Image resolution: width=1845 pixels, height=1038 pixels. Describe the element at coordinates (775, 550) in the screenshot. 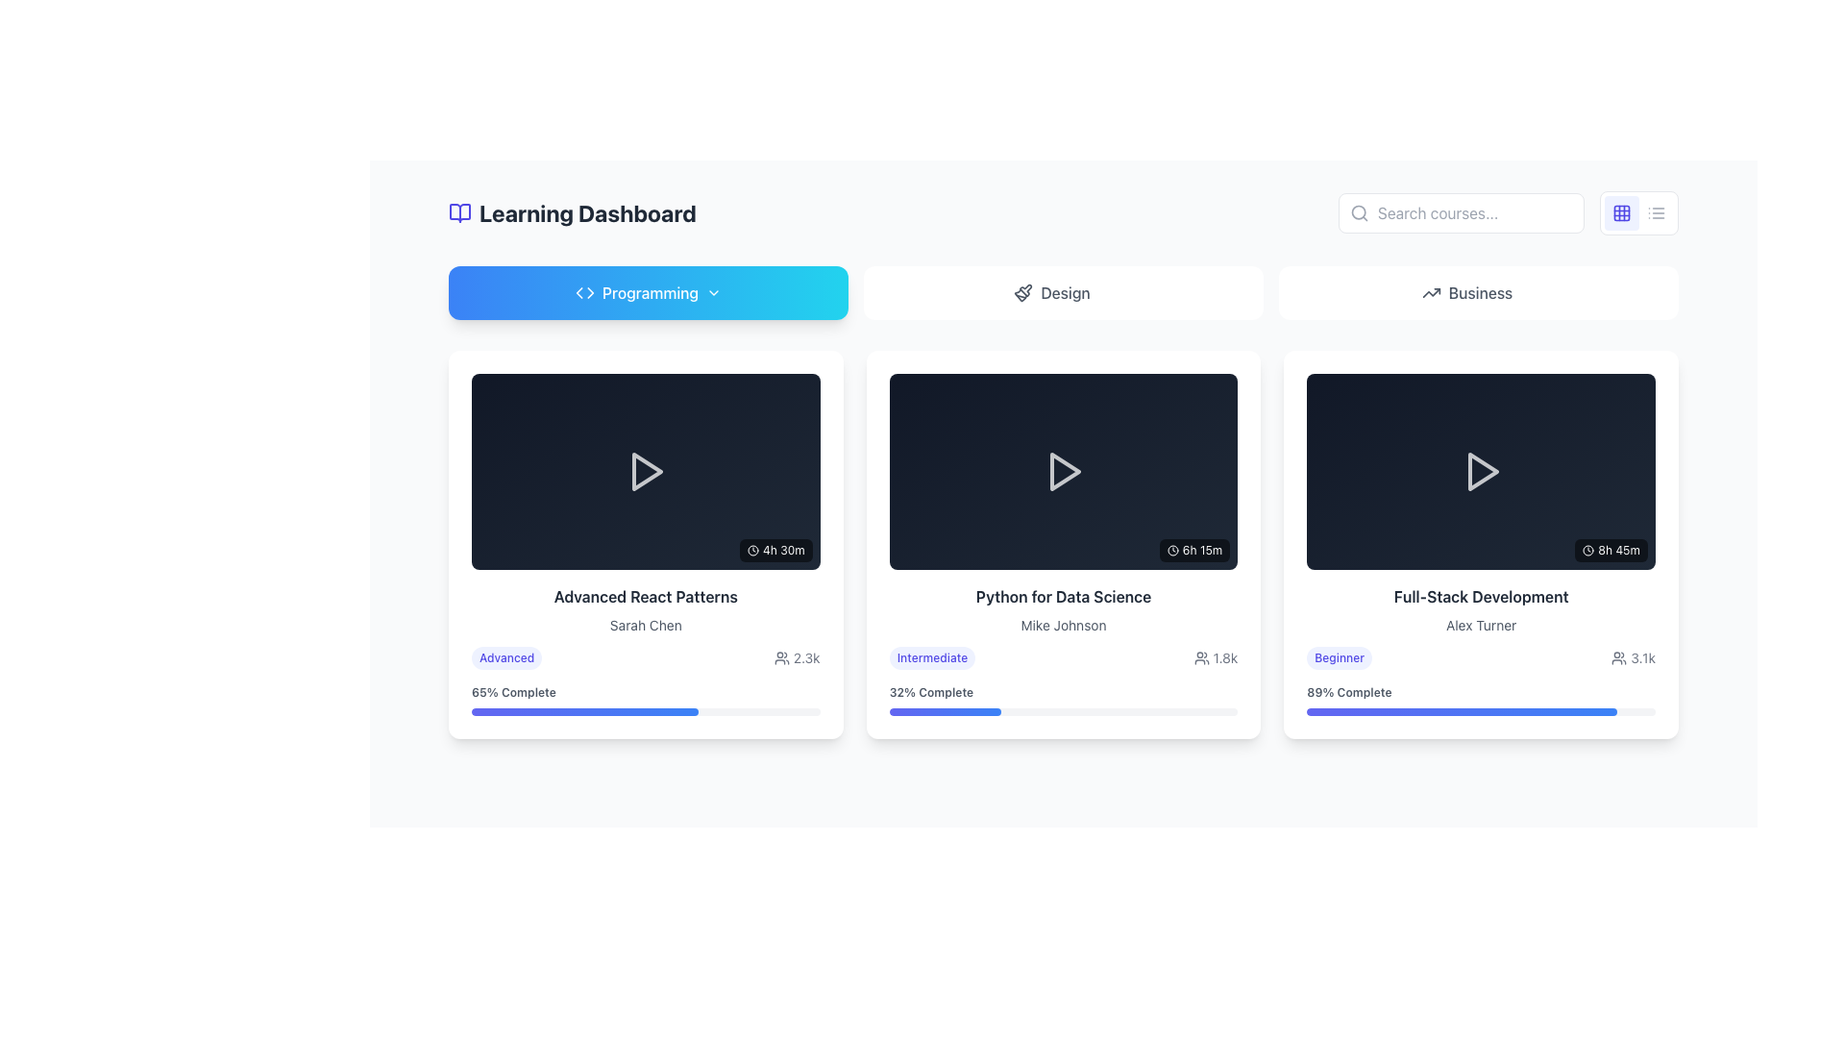

I see `the informative label with an icon located at the bottom-right corner of the 'Advanced React Patterns' course card, which displays the total duration of the course` at that location.